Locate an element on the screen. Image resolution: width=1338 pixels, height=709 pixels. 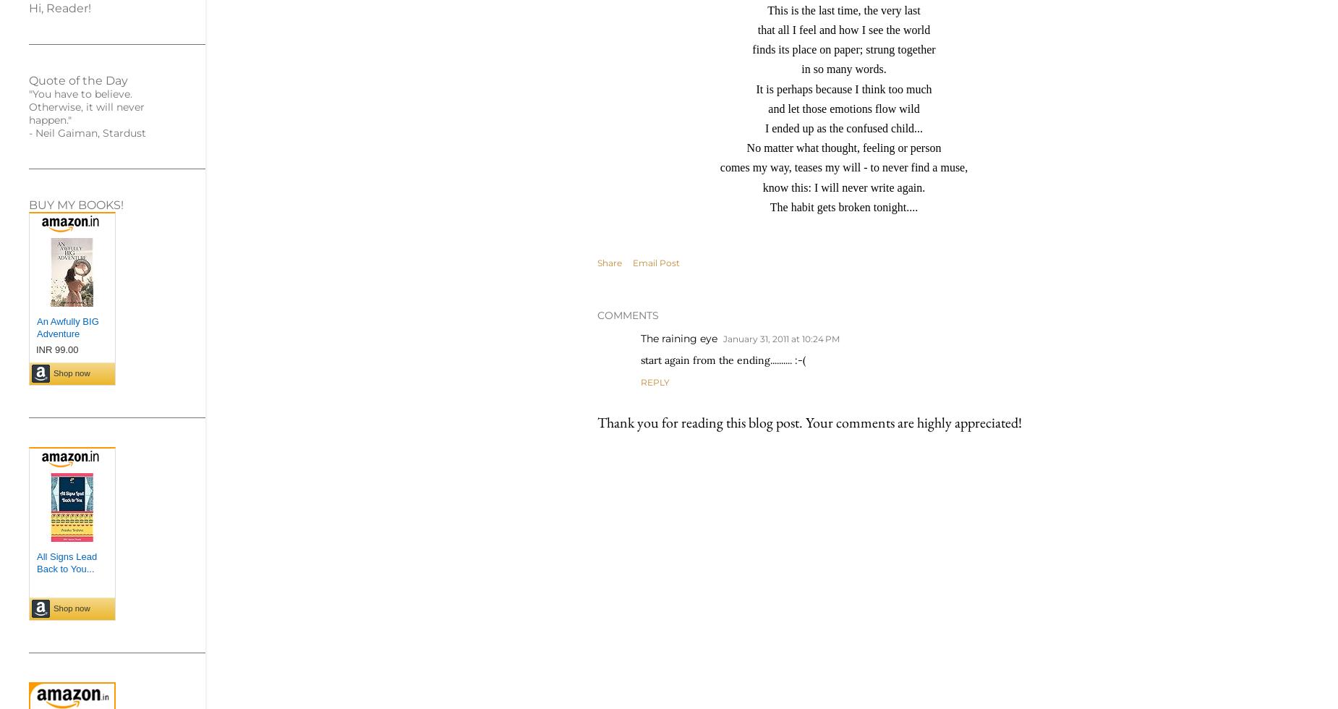
'Hi, Reader!' is located at coordinates (59, 8).